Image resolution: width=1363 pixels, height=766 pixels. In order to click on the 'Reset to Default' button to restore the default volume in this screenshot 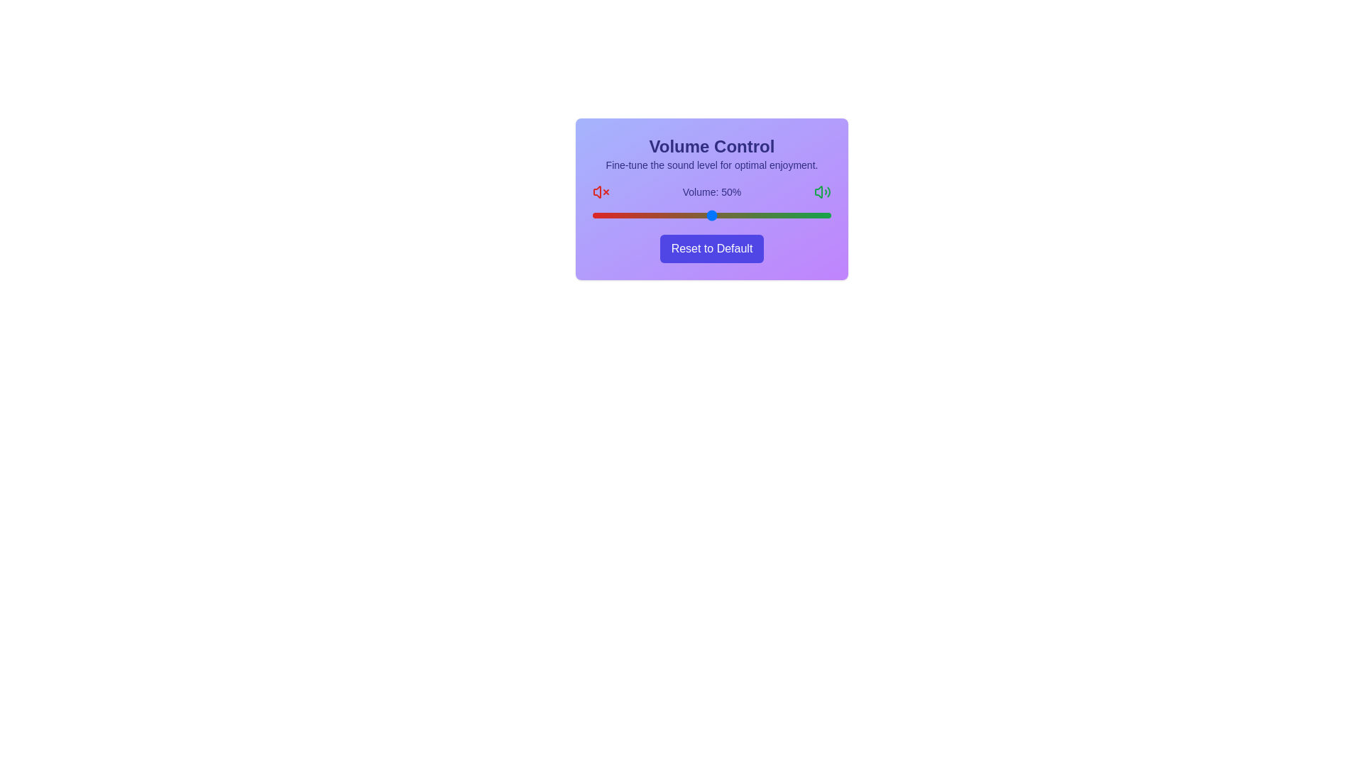, I will do `click(712, 248)`.